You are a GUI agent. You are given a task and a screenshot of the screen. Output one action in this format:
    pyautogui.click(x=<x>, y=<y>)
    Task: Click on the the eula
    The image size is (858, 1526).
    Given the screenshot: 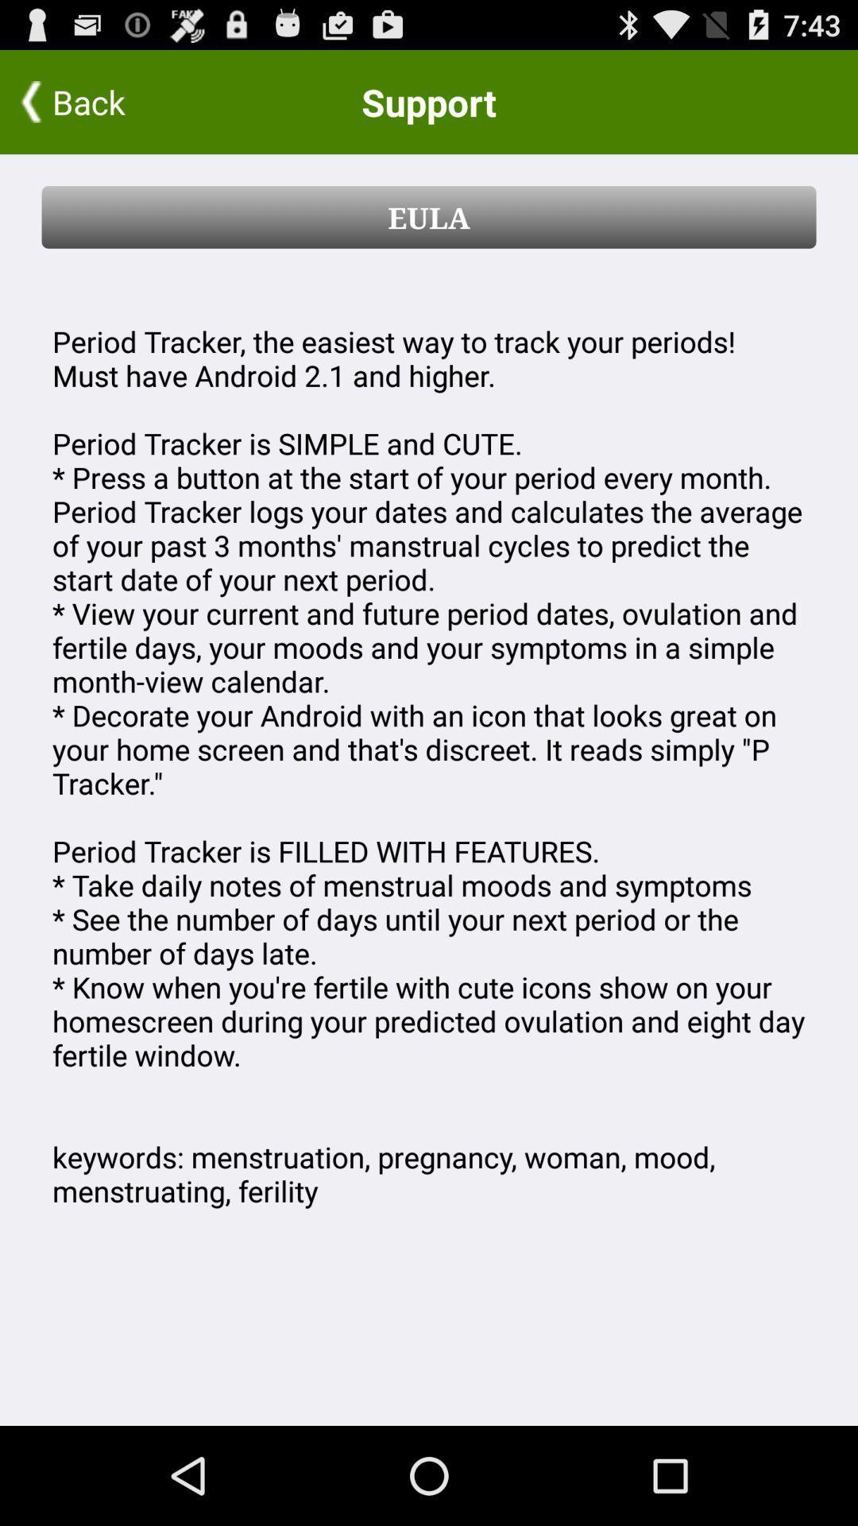 What is the action you would take?
    pyautogui.click(x=429, y=216)
    